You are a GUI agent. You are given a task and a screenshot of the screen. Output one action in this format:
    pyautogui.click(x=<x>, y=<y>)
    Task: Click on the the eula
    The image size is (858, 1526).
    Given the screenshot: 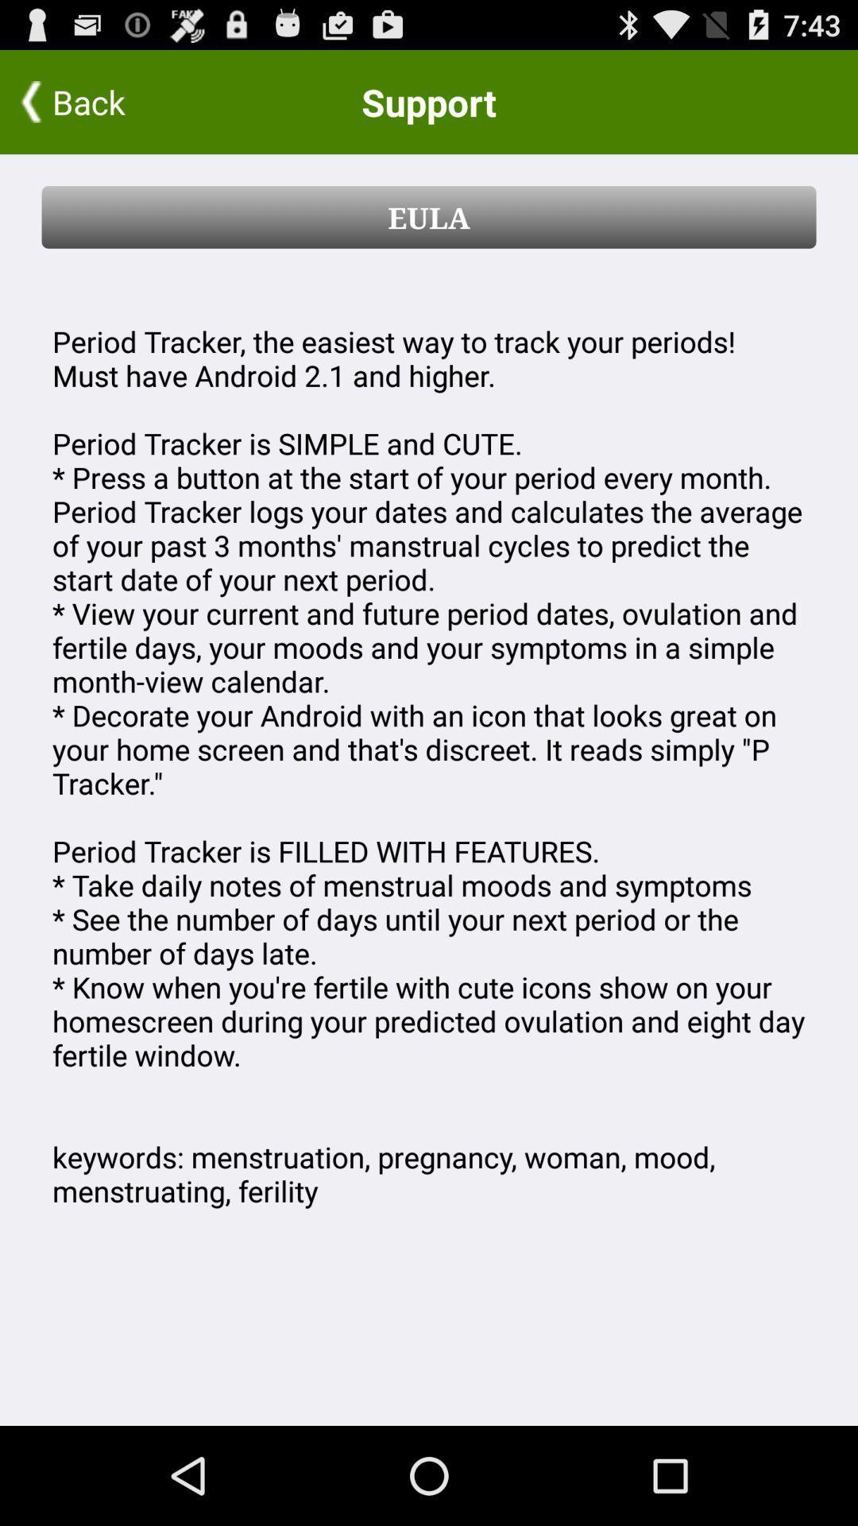 What is the action you would take?
    pyautogui.click(x=429, y=216)
    